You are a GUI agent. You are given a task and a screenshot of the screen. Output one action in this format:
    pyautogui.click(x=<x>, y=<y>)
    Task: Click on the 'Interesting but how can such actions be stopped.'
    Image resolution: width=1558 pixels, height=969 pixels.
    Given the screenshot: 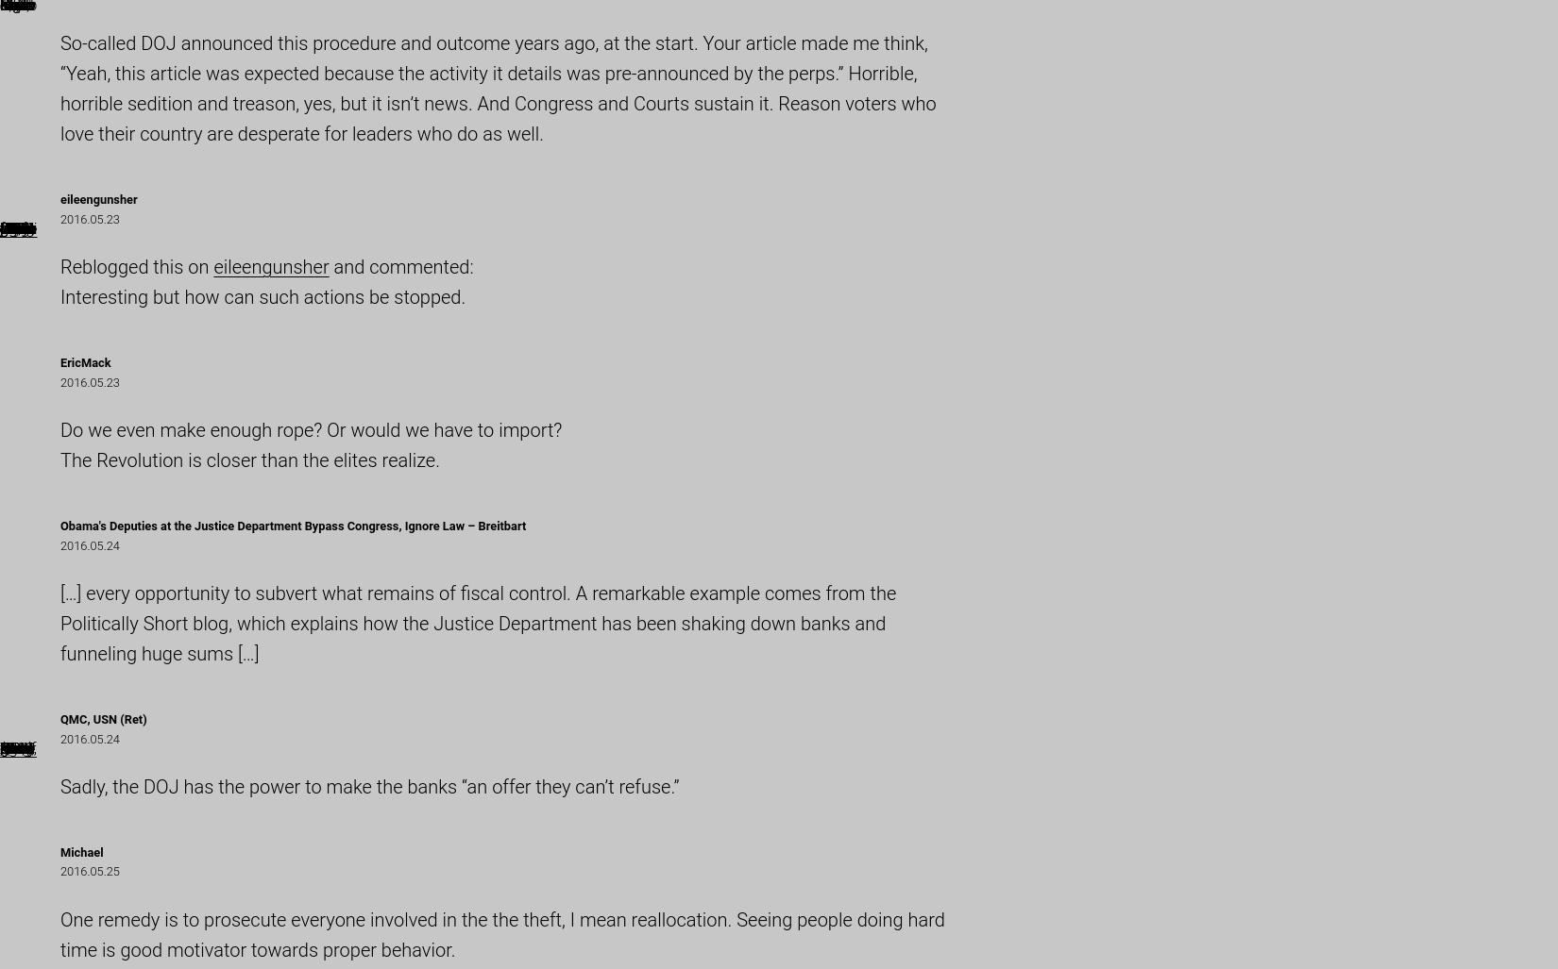 What is the action you would take?
    pyautogui.click(x=60, y=295)
    